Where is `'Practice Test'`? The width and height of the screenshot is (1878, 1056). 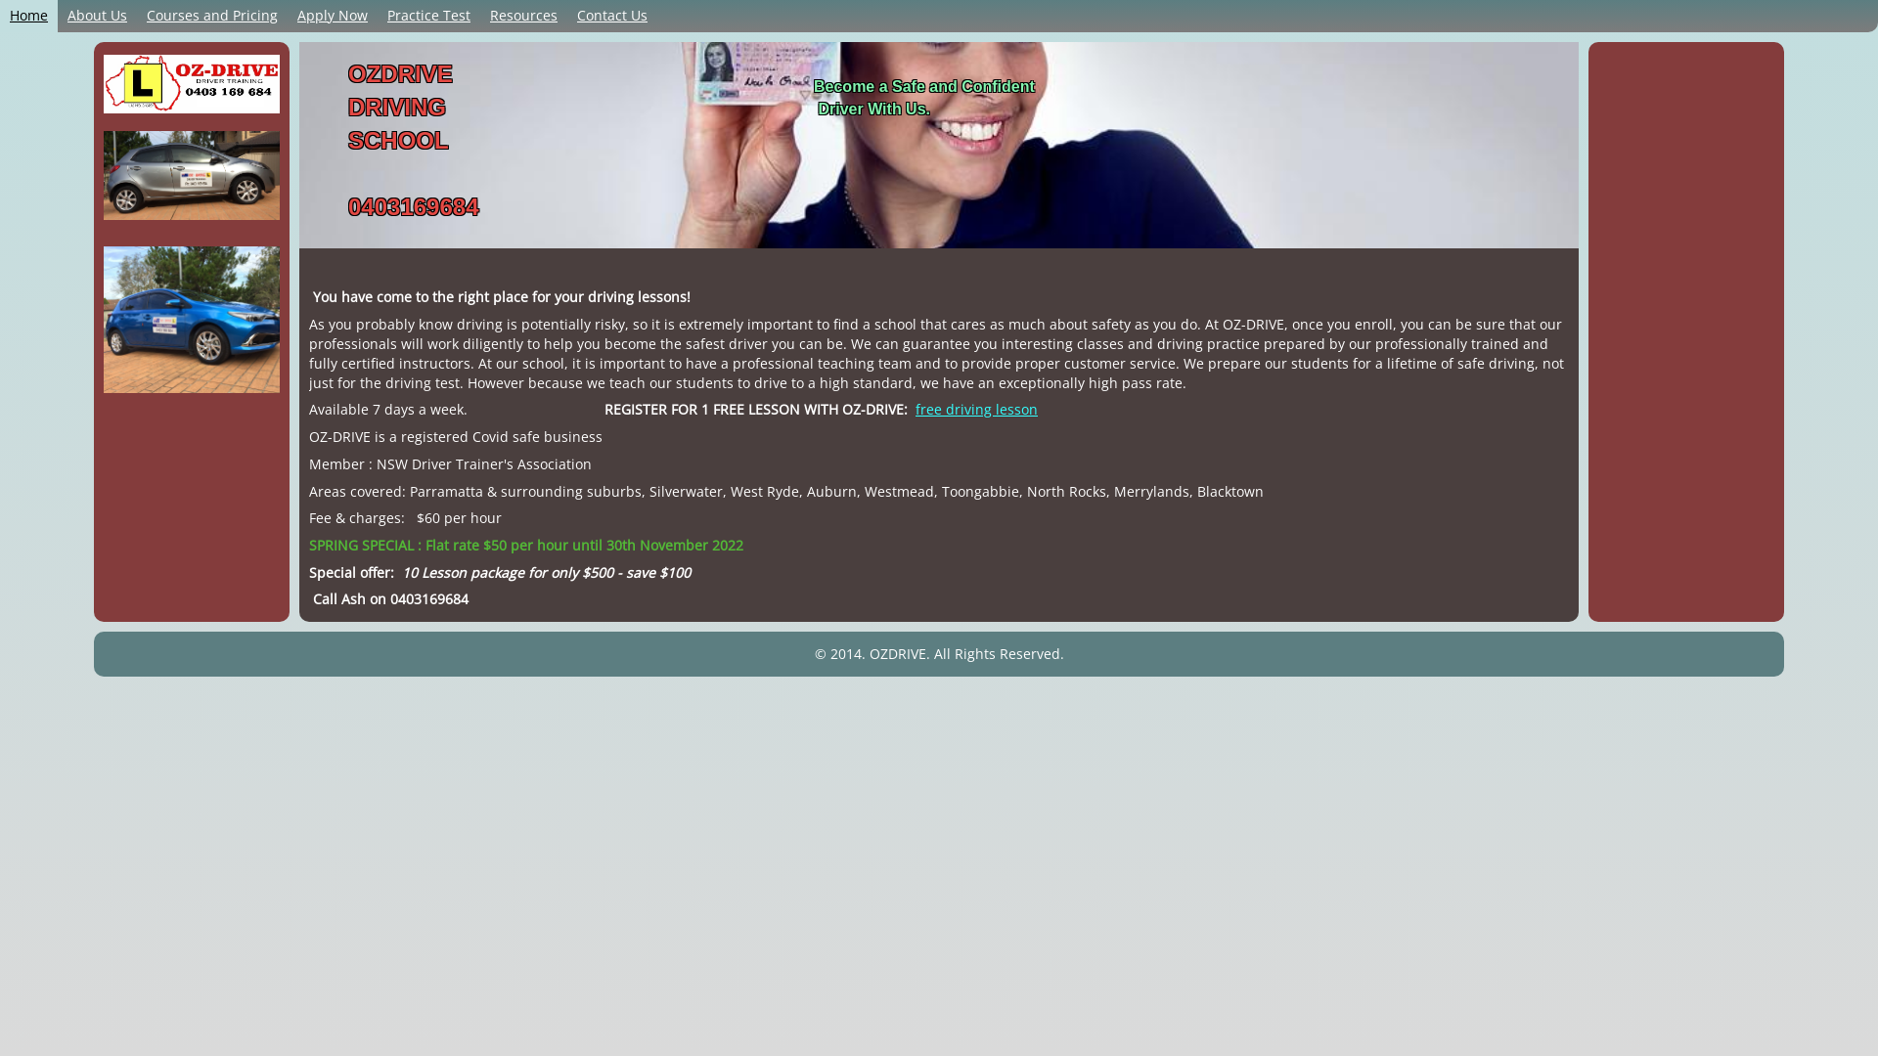
'Practice Test' is located at coordinates (377, 16).